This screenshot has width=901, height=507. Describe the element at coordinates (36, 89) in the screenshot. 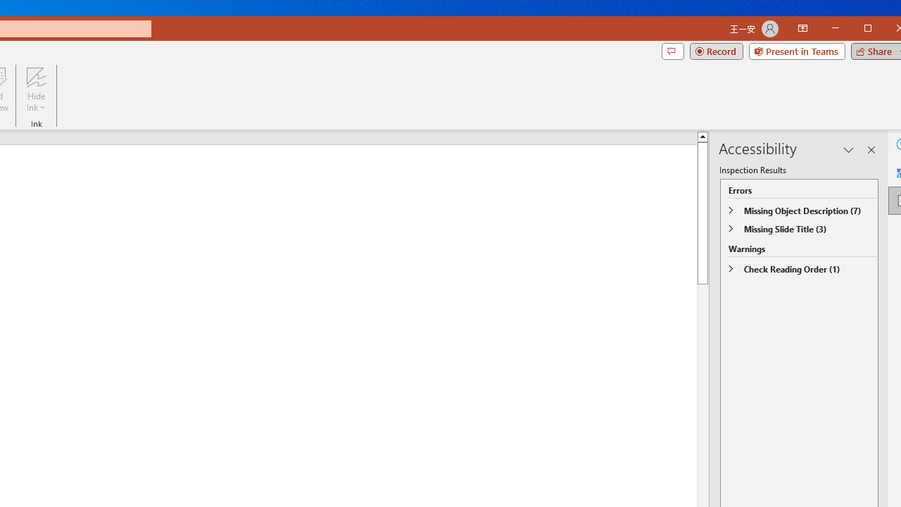

I see `'Hide Ink'` at that location.